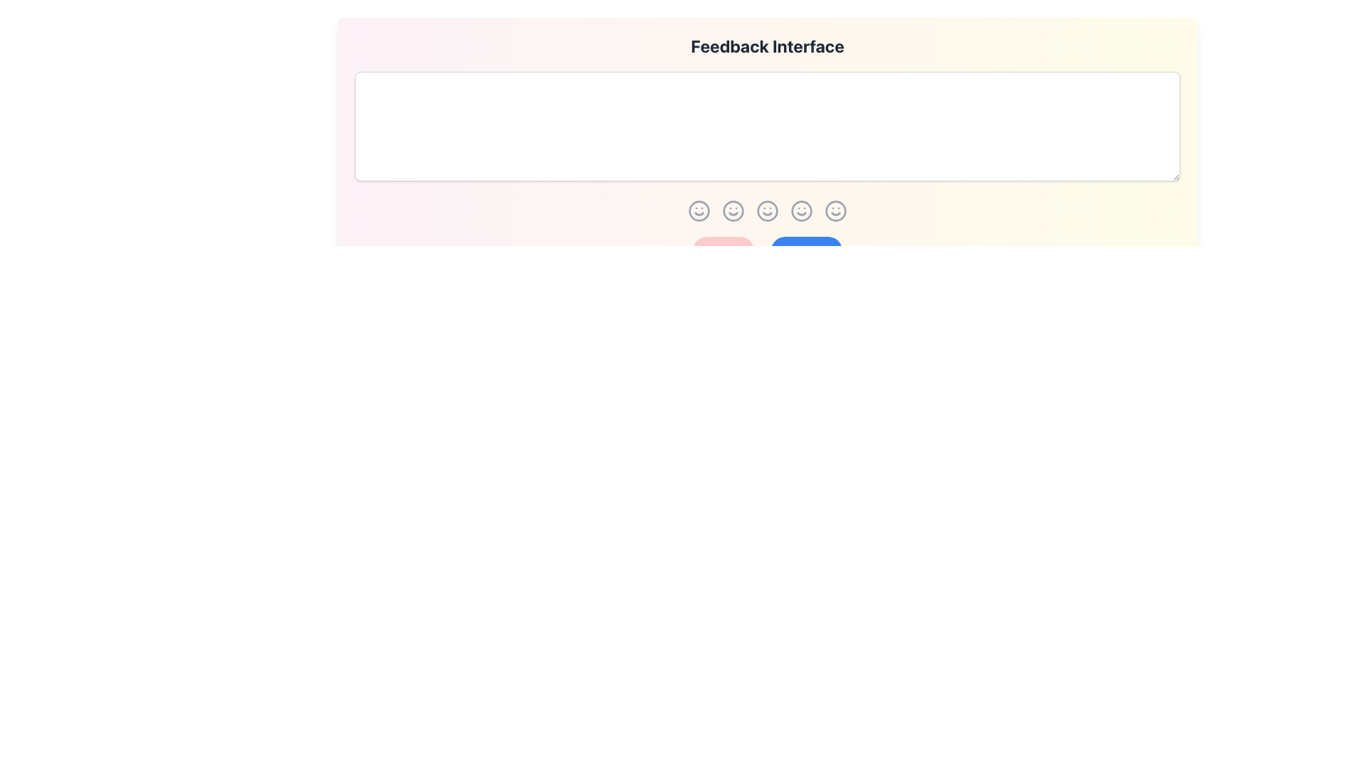  Describe the element at coordinates (802, 211) in the screenshot. I see `the semi-transparent circular element of the smiley-face icon located at the fourth position from the left in the row of icons below the 'Feedback Interface' text input field` at that location.